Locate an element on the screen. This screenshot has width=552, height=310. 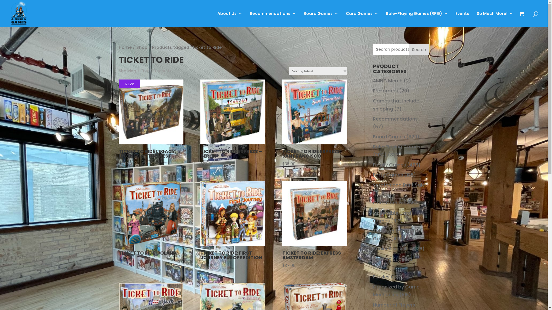
'Family Games' is located at coordinates (373, 165).